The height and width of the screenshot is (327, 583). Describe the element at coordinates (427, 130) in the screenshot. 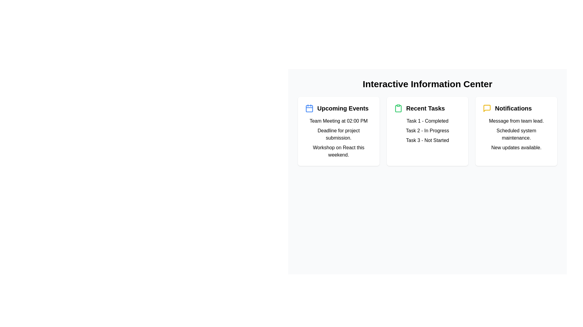

I see `the Text label indicating the status of Task 2, which is currently 'In Progress', located in the middle of the Recent Tasks column` at that location.